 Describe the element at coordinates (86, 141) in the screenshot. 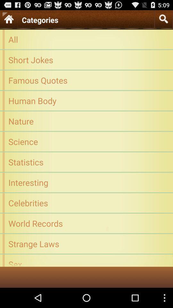

I see `the app above statistics` at that location.